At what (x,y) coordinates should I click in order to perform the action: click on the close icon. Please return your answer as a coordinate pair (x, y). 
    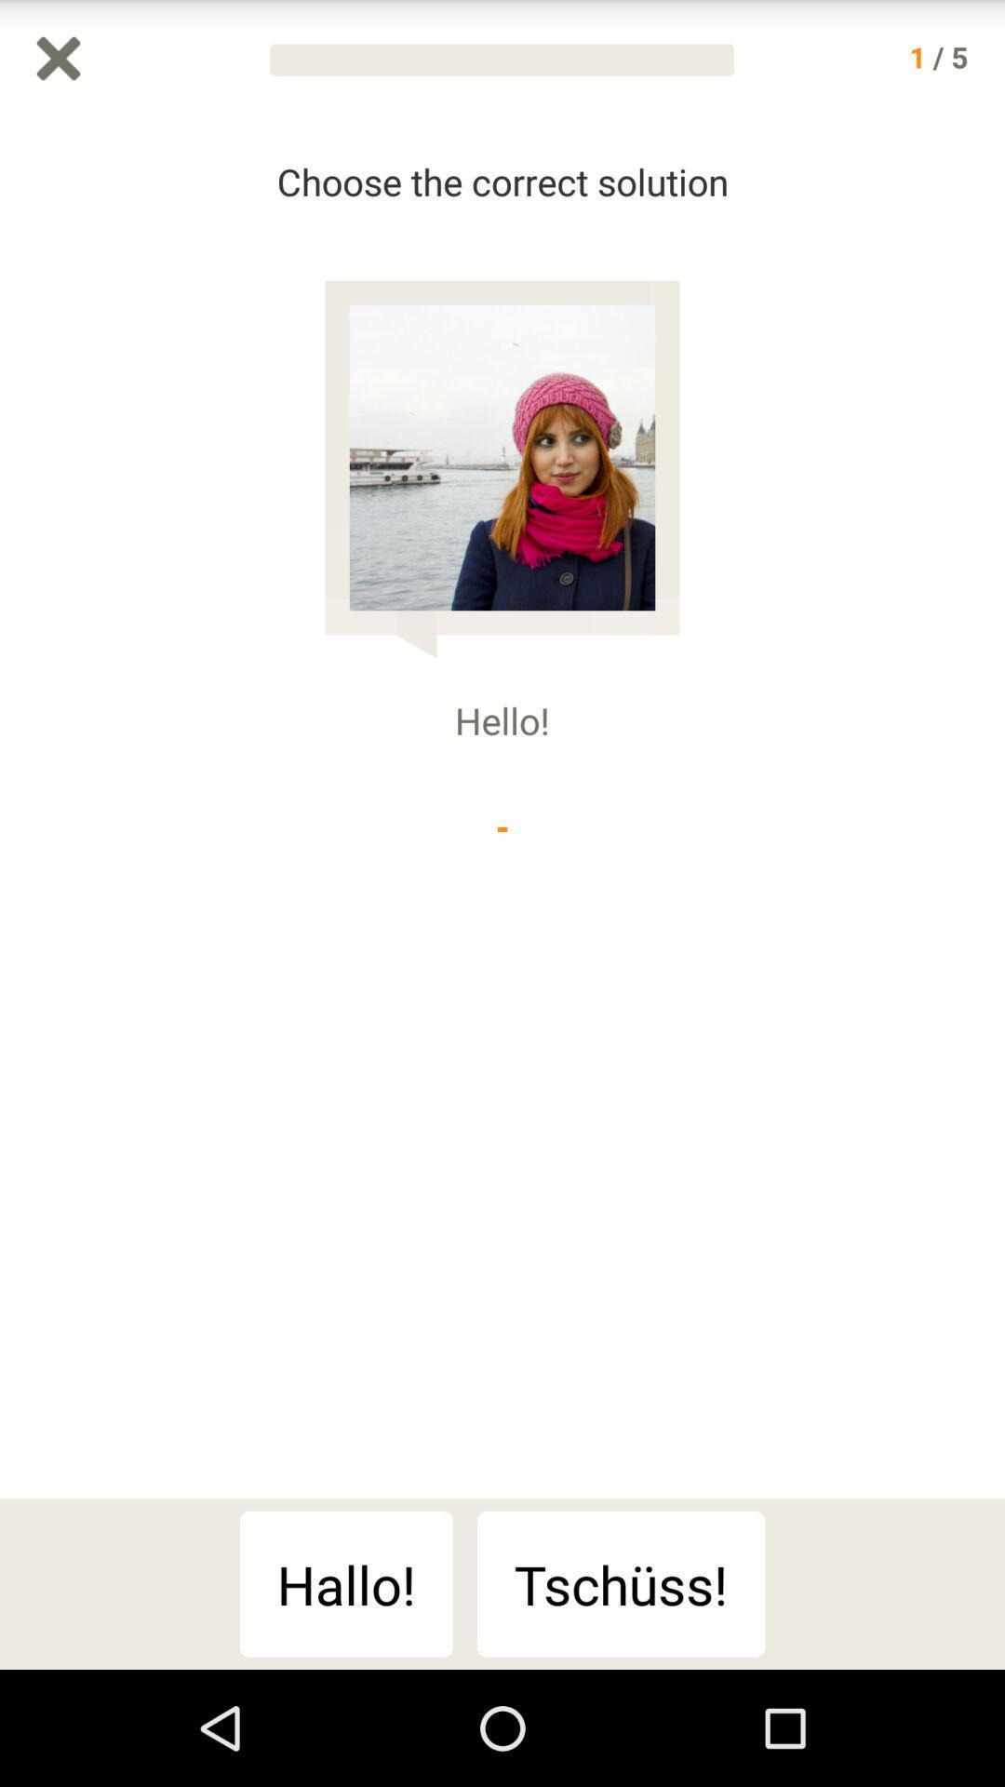
    Looking at the image, I should click on (57, 62).